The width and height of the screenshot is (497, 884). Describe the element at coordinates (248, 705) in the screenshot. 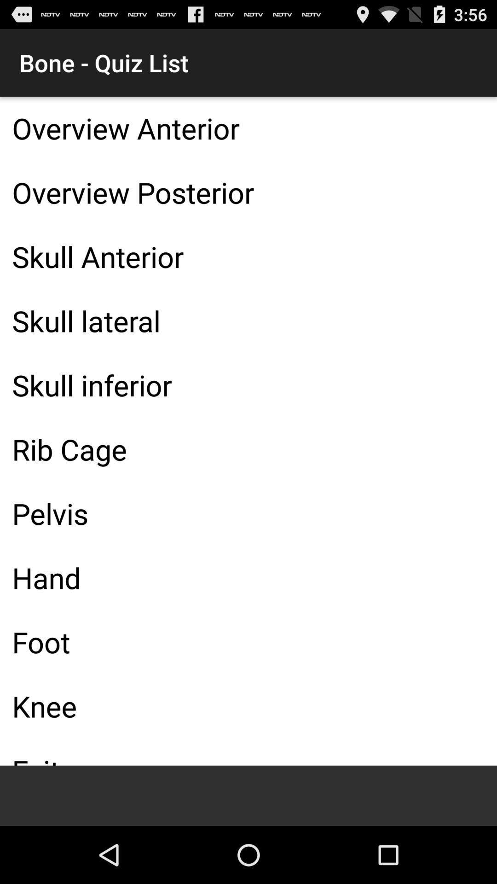

I see `the icon above exit` at that location.